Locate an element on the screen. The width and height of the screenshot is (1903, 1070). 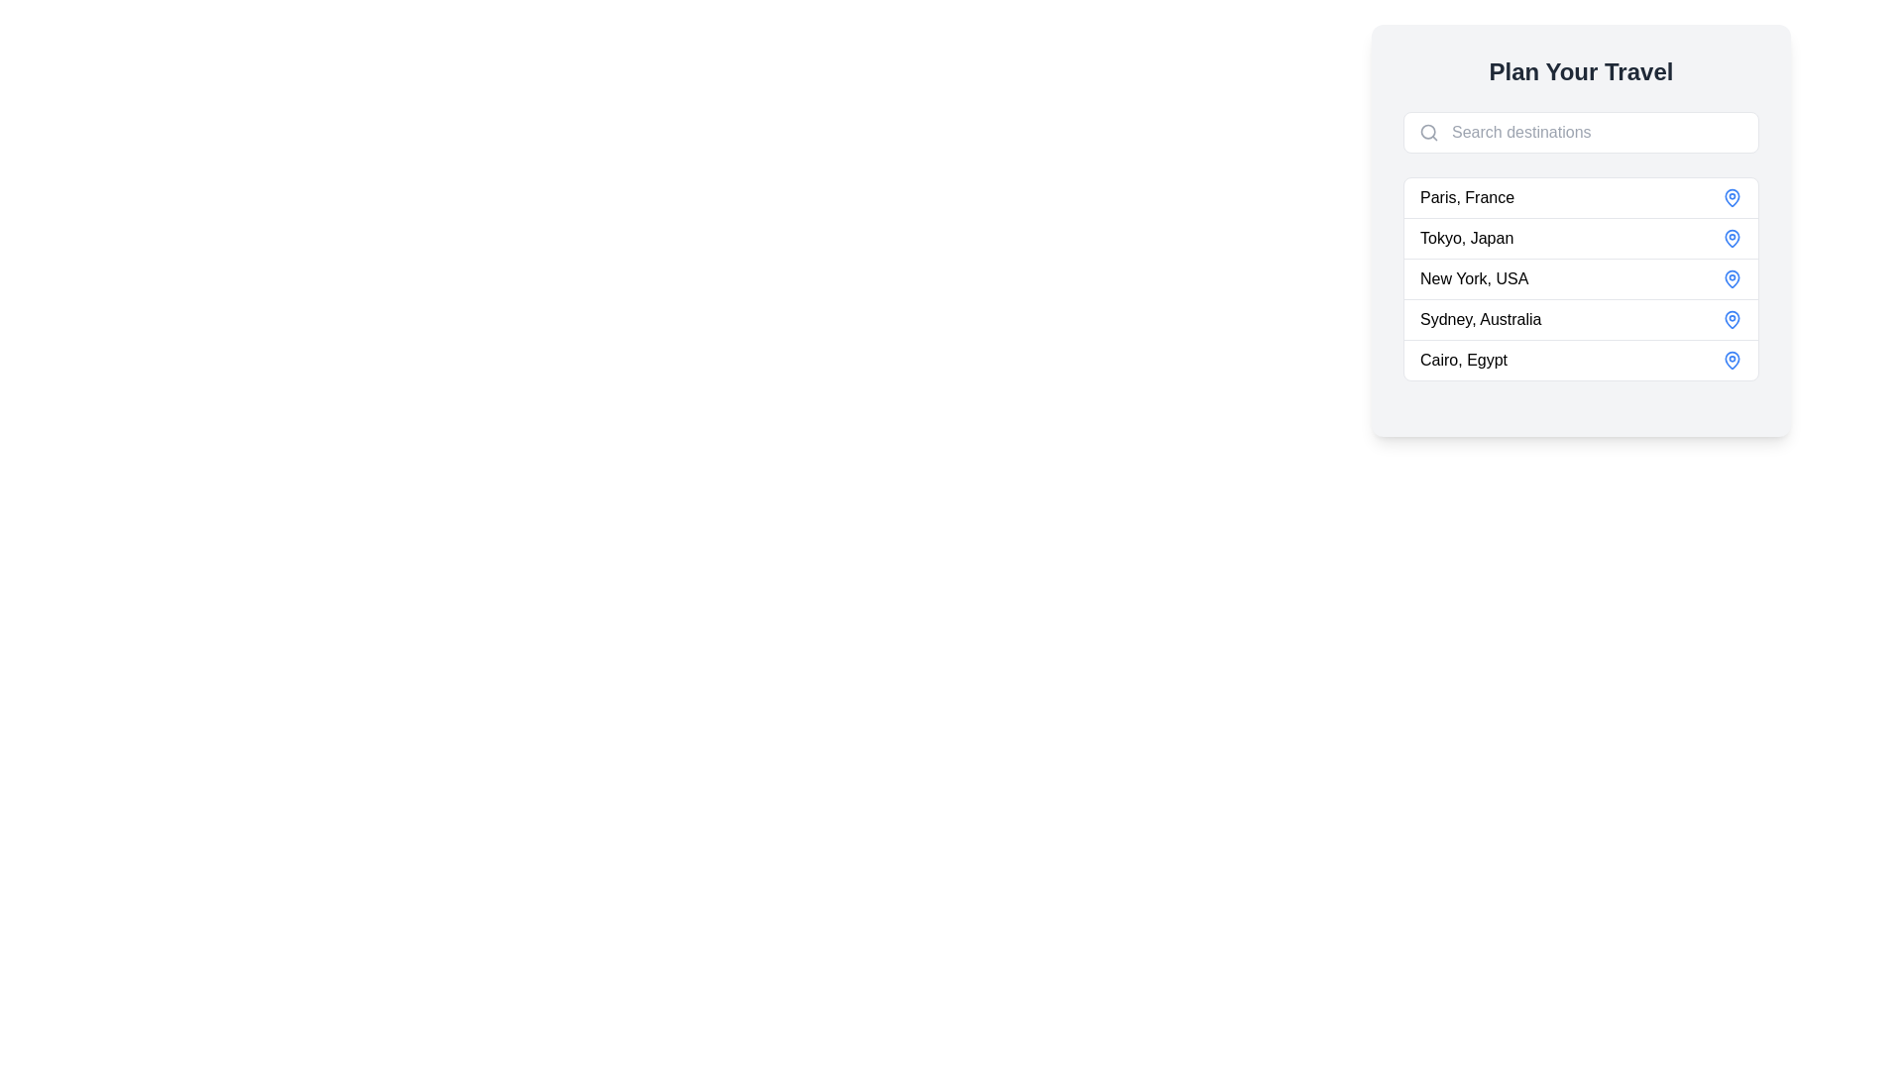
the Text Label displaying 'Tokyo, Japan', which is the second item in a list of destinations is located at coordinates (1467, 237).